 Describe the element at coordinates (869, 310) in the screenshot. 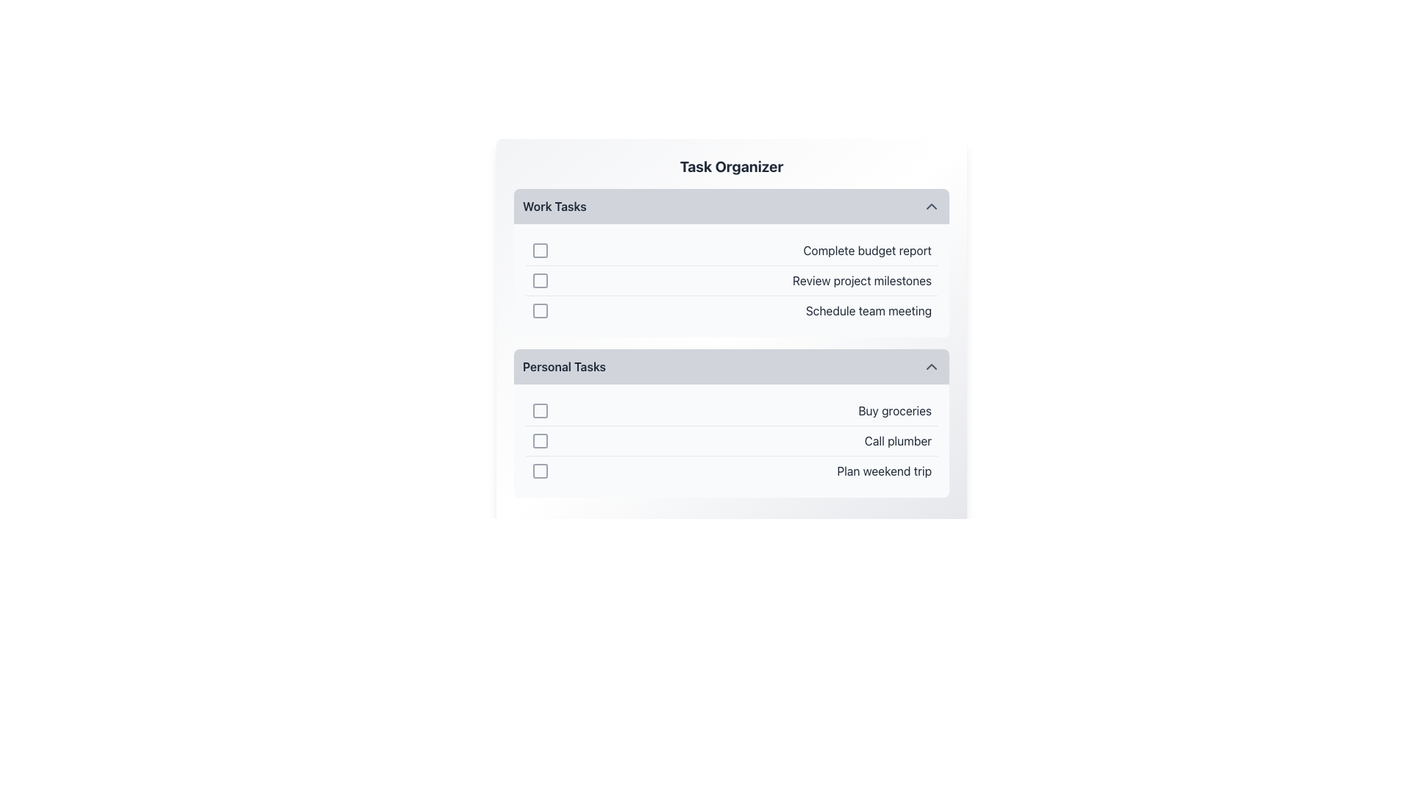

I see `text from the 'Schedule team meeting' label, which is the third item in the 'Work Tasks' section, styled in dark gray on a white background` at that location.